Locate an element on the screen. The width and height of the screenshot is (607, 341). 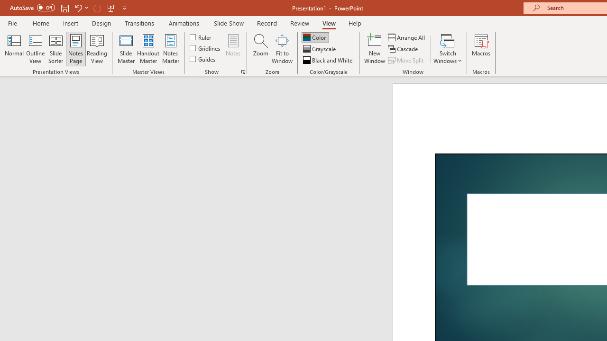
'View' is located at coordinates (329, 23).